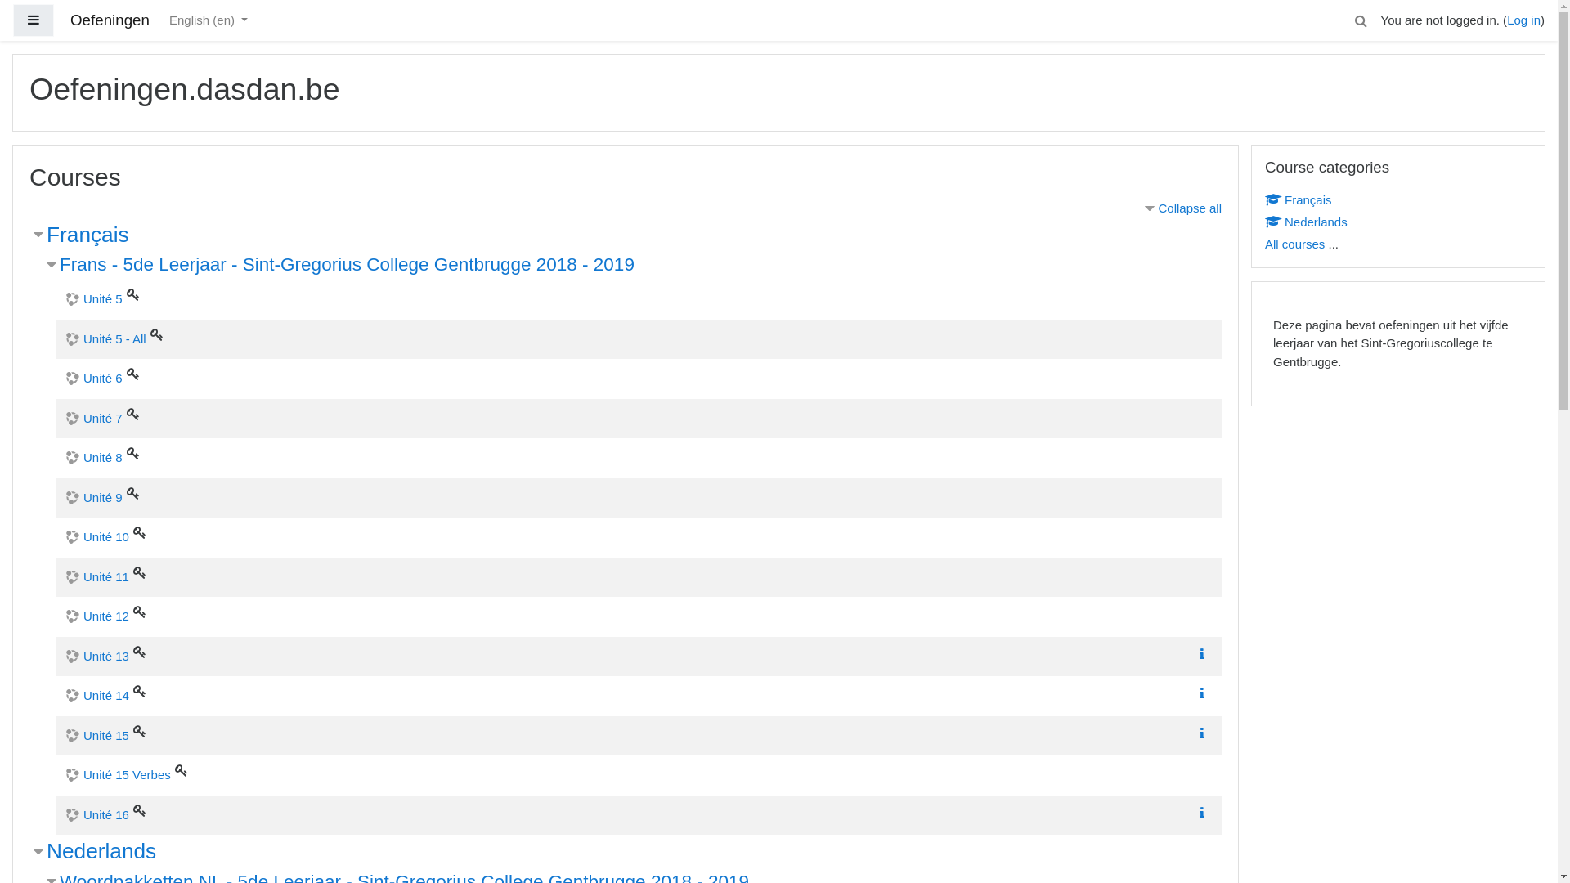  What do you see at coordinates (133, 730) in the screenshot?
I see `'Self enrolment'` at bounding box center [133, 730].